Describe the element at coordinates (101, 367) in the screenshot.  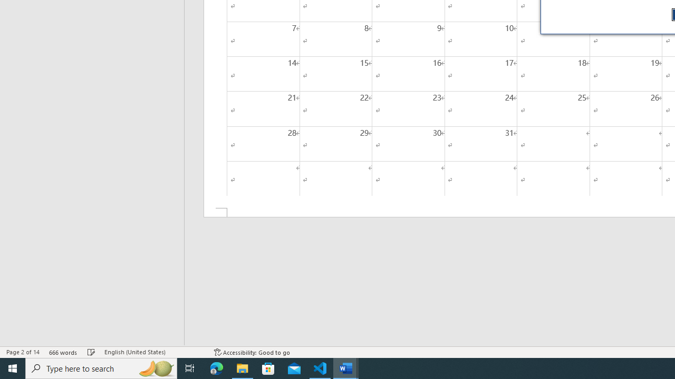
I see `'Type here to search'` at that location.